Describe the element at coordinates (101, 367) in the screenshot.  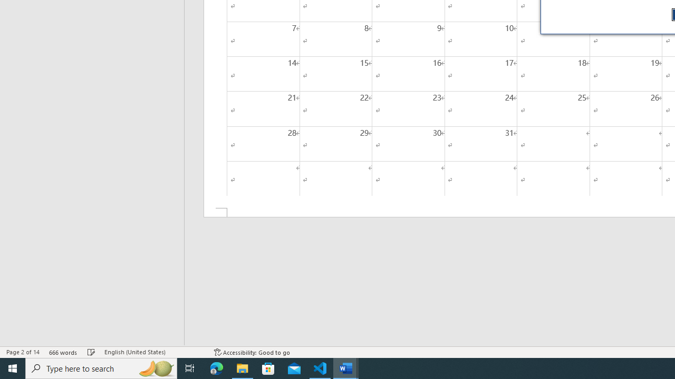
I see `'Type here to search'` at that location.